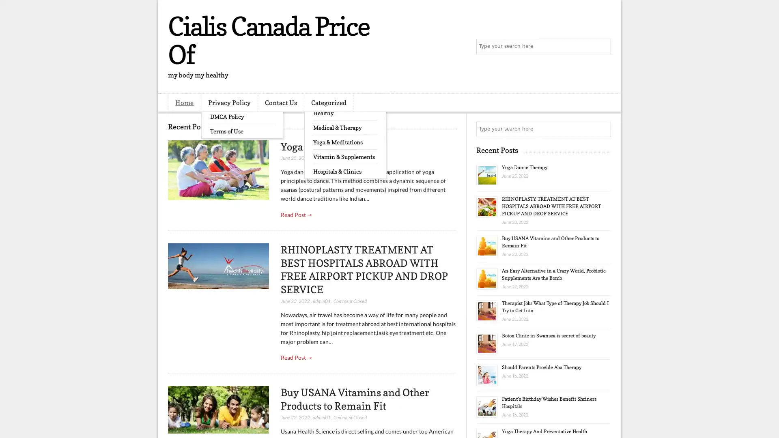  I want to click on Search, so click(603, 47).